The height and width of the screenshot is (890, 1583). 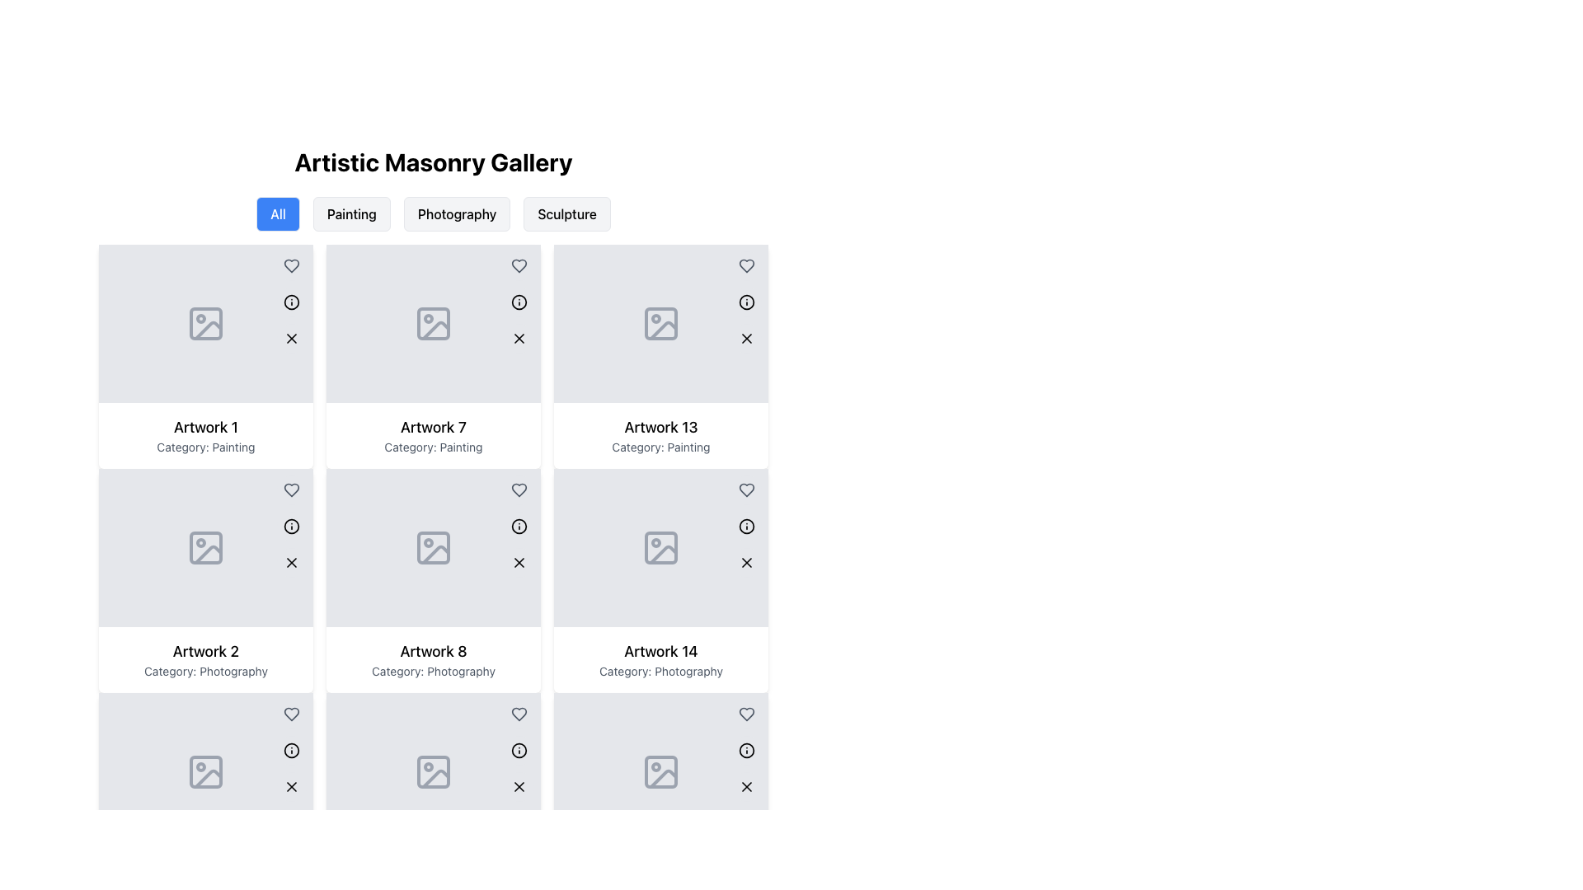 What do you see at coordinates (292, 714) in the screenshot?
I see `the heart-shaped icon in the top-right corner of the 'Artwork 2' card` at bounding box center [292, 714].